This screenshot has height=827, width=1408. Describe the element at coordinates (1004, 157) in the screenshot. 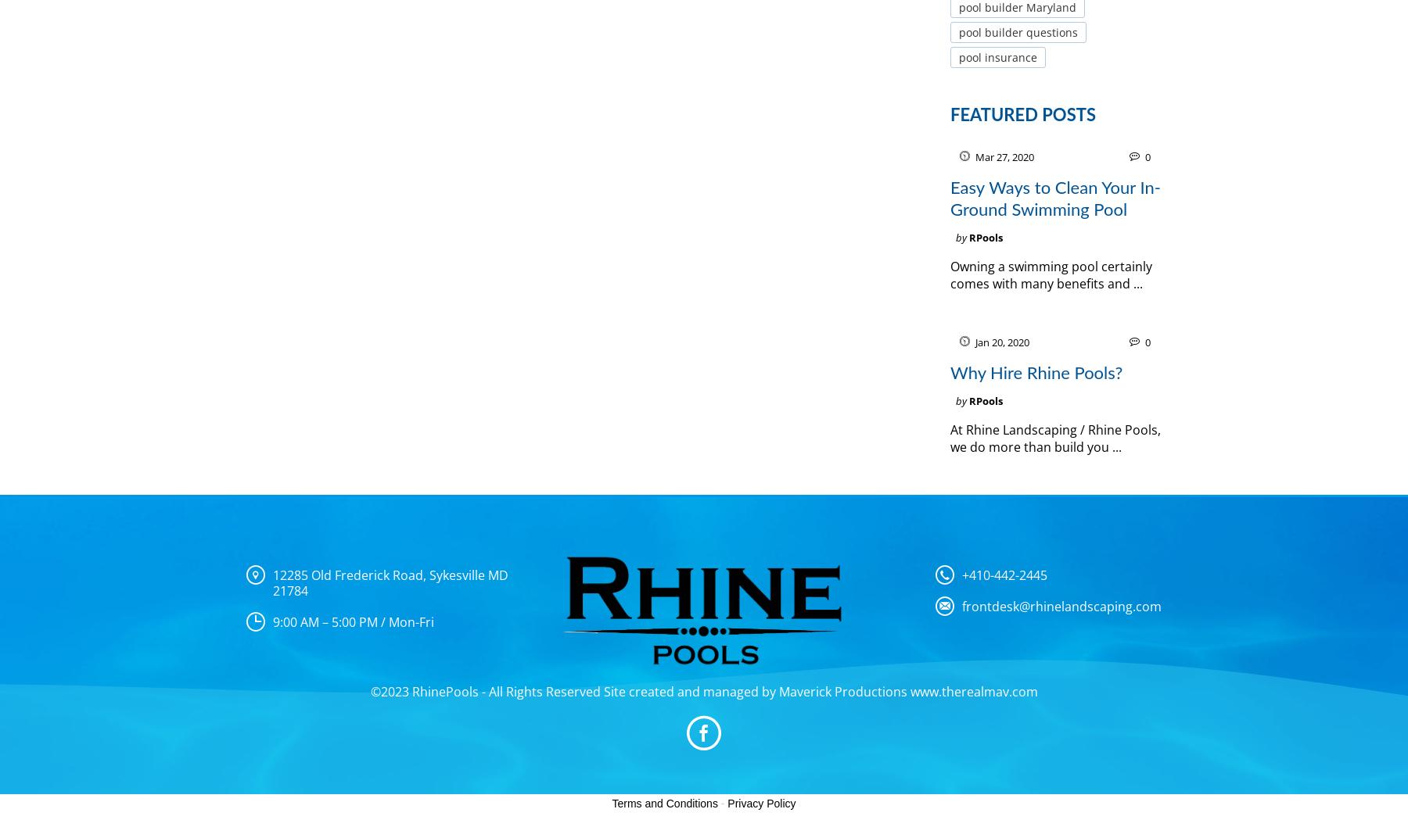

I see `'Mar 27, 2020'` at that location.